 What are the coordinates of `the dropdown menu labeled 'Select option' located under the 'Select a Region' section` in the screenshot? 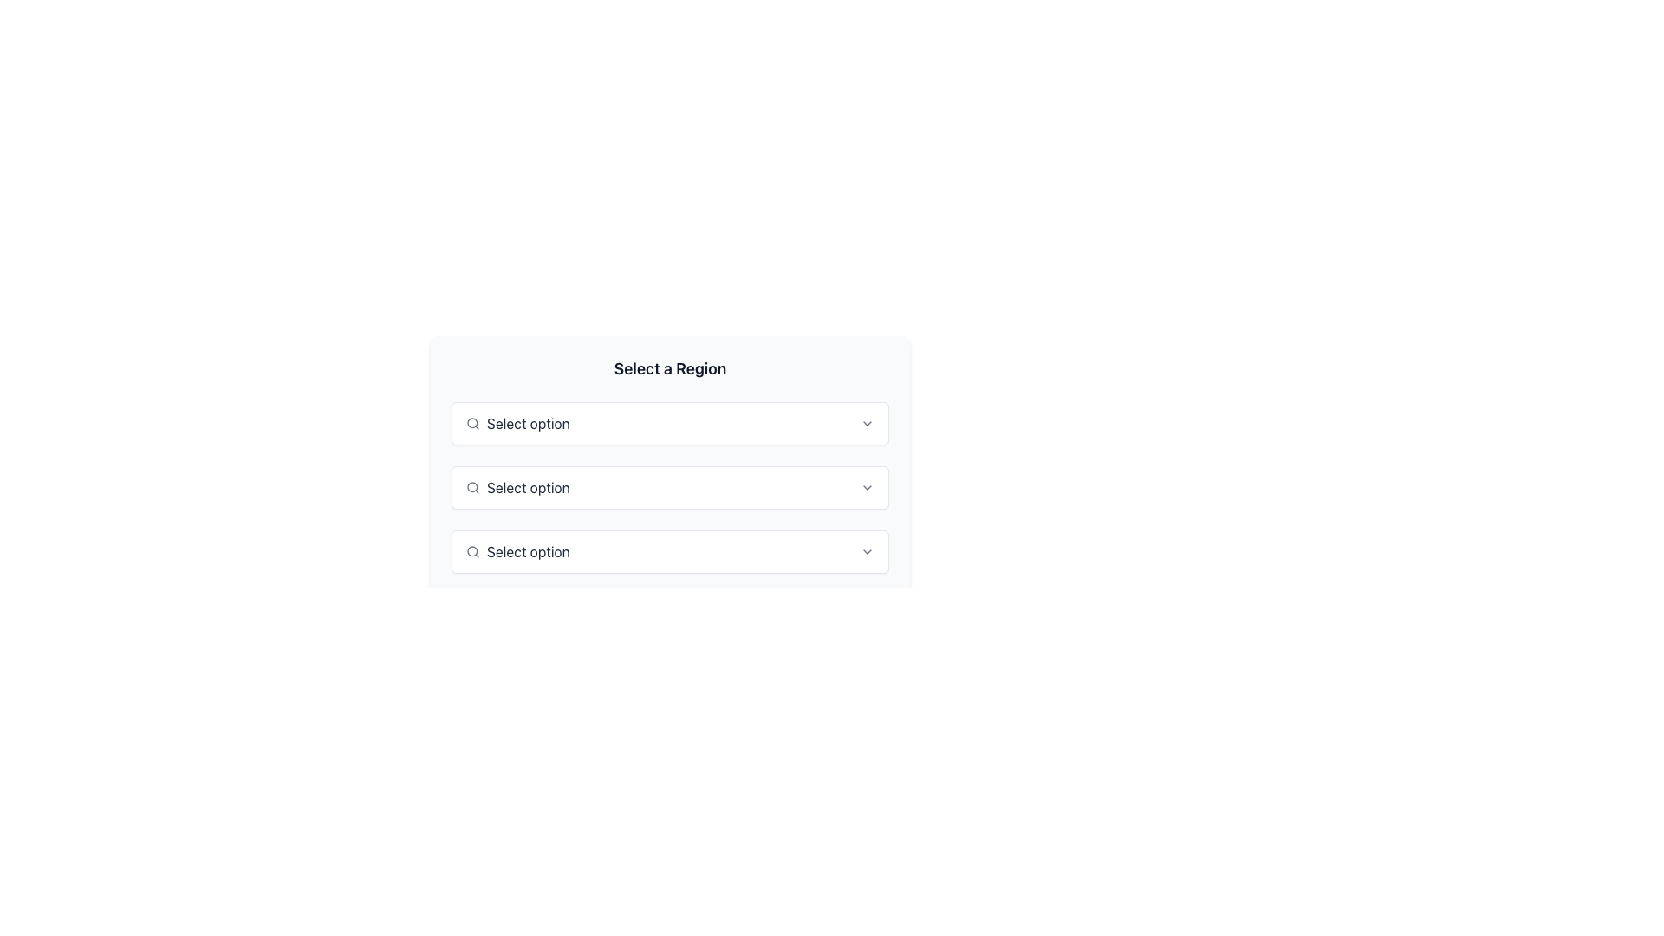 It's located at (669, 424).